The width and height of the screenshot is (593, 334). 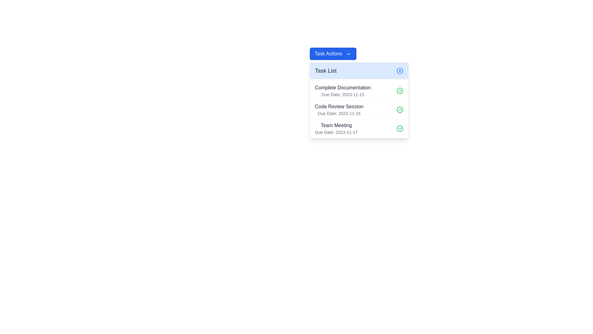 I want to click on the third checkmark icon indicating the completion of the 'Team Meeting' task in the 'Task List' interface, so click(x=400, y=128).